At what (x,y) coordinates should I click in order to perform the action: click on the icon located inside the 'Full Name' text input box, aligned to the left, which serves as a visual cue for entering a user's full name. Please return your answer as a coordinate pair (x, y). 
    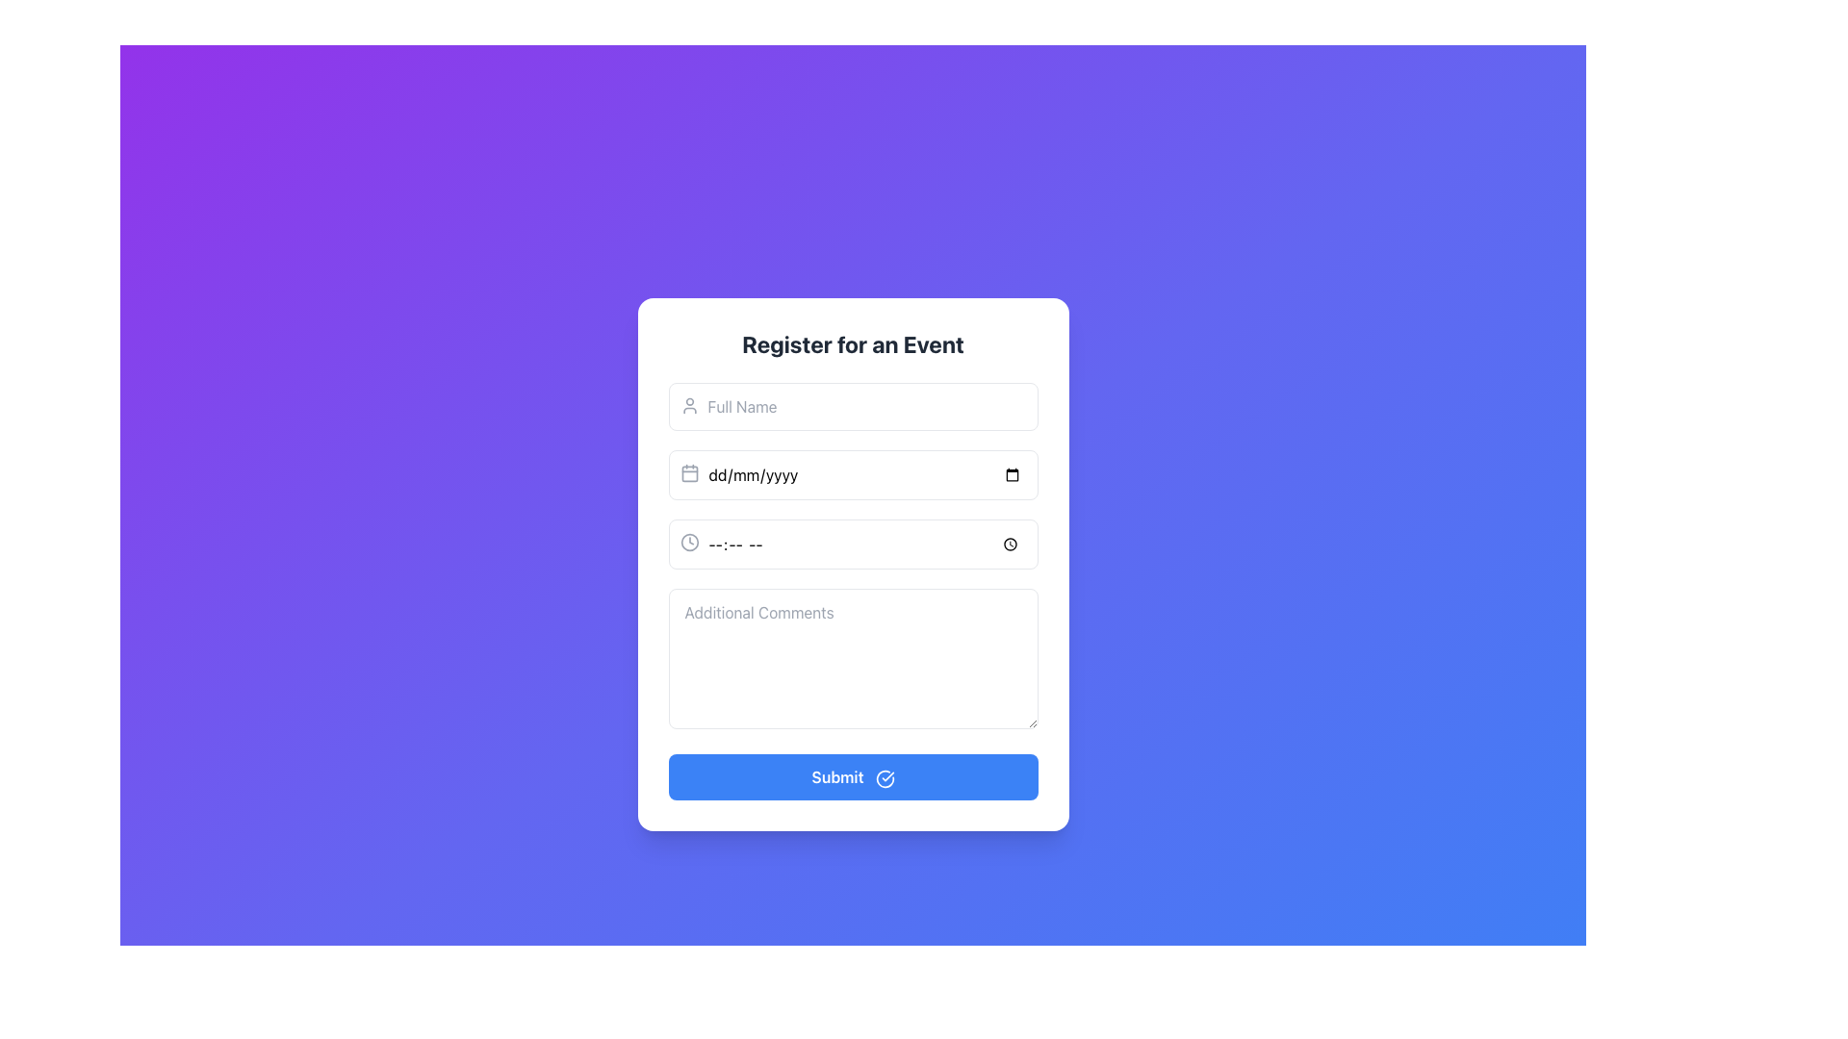
    Looking at the image, I should click on (689, 404).